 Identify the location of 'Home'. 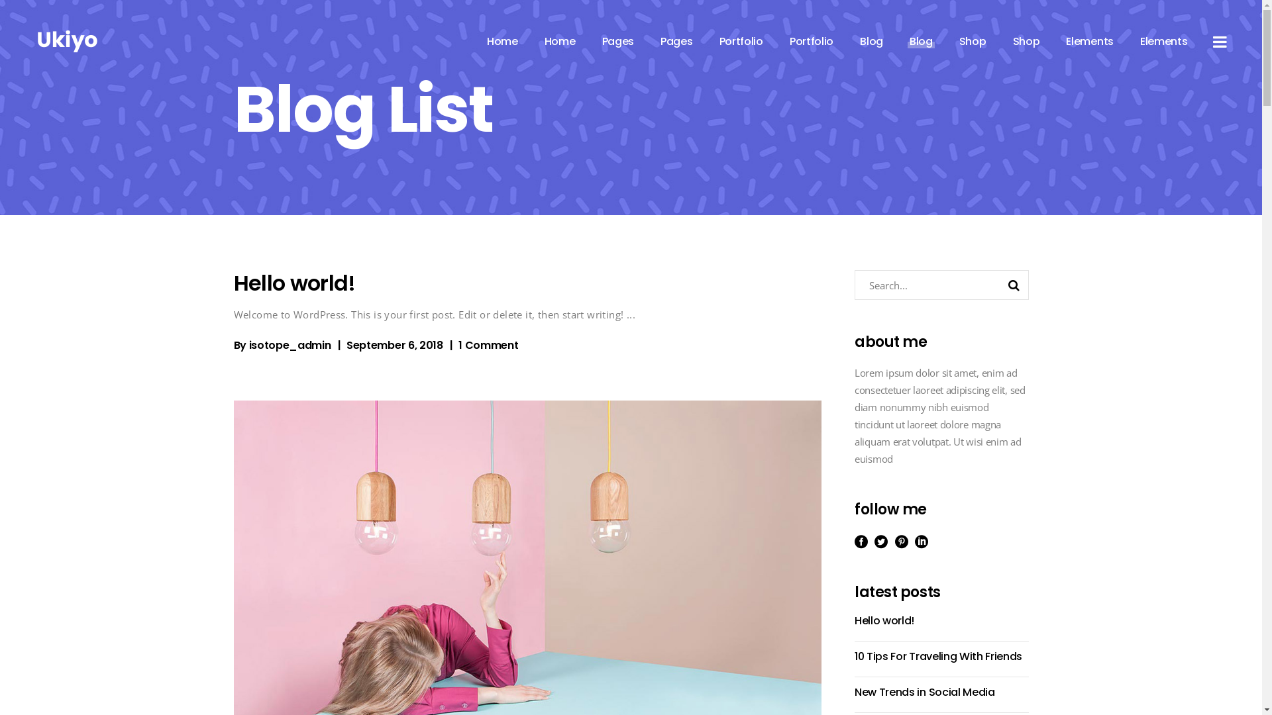
(560, 40).